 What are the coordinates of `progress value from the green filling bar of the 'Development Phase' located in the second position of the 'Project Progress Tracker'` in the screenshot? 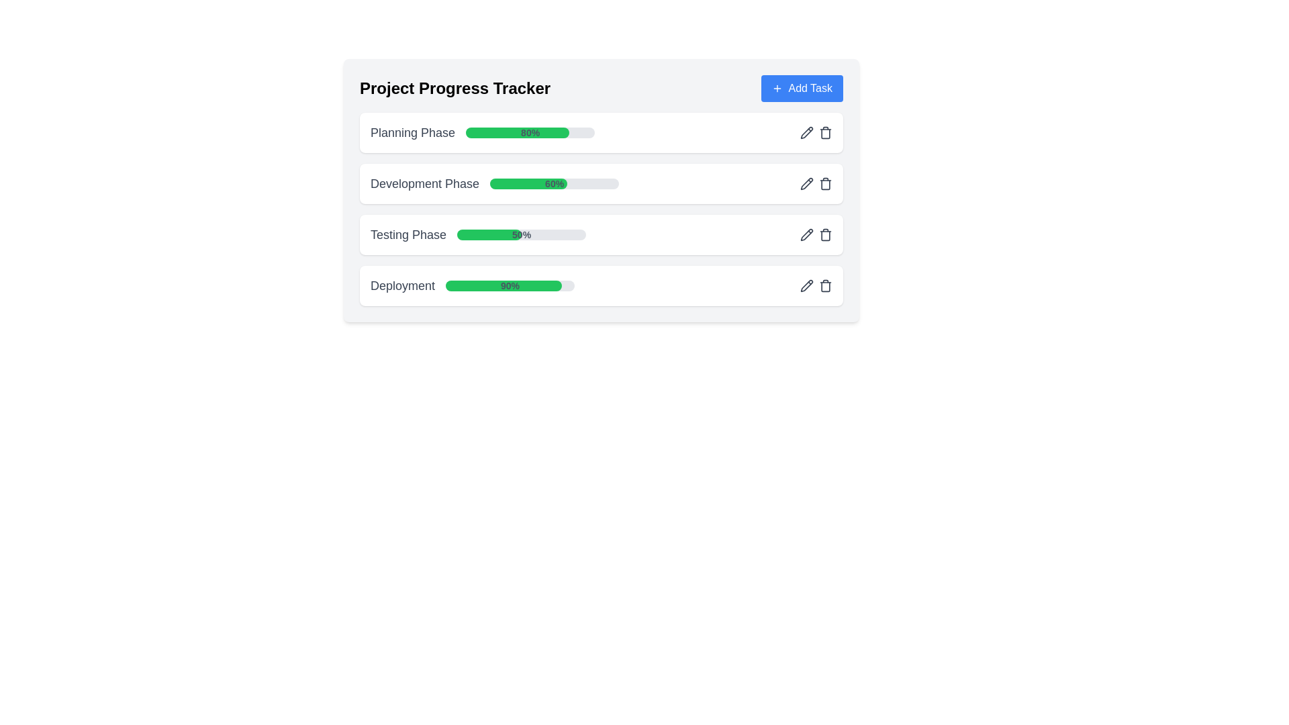 It's located at (528, 183).